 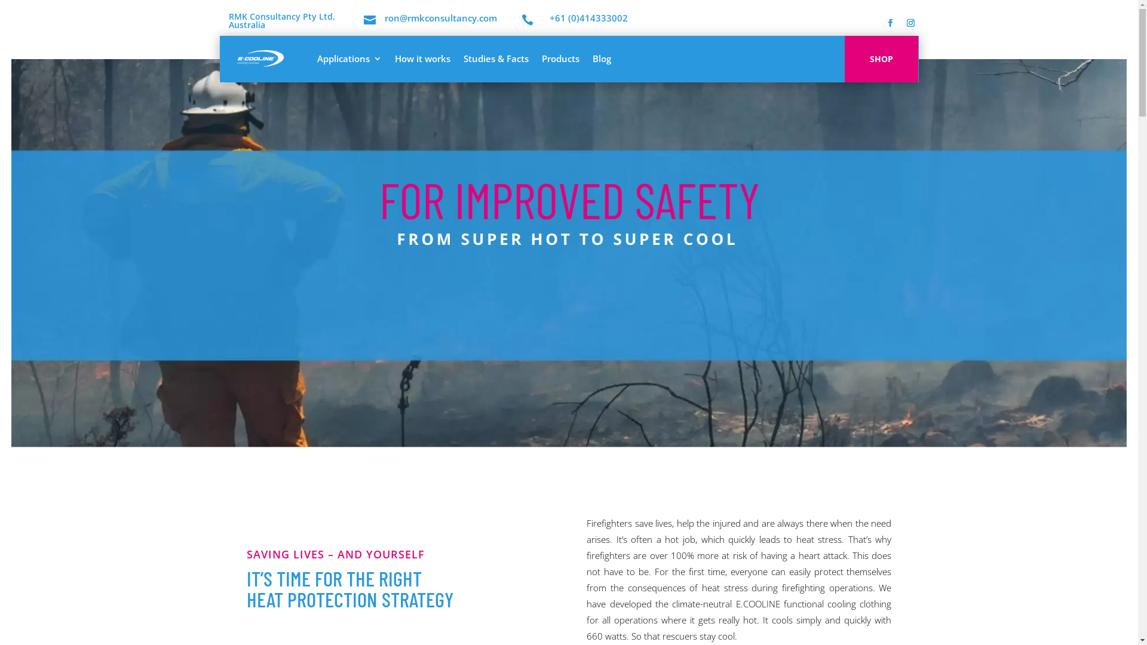 What do you see at coordinates (280, 20) in the screenshot?
I see `'RMK Consultancy Pty Ltd, Australia'` at bounding box center [280, 20].